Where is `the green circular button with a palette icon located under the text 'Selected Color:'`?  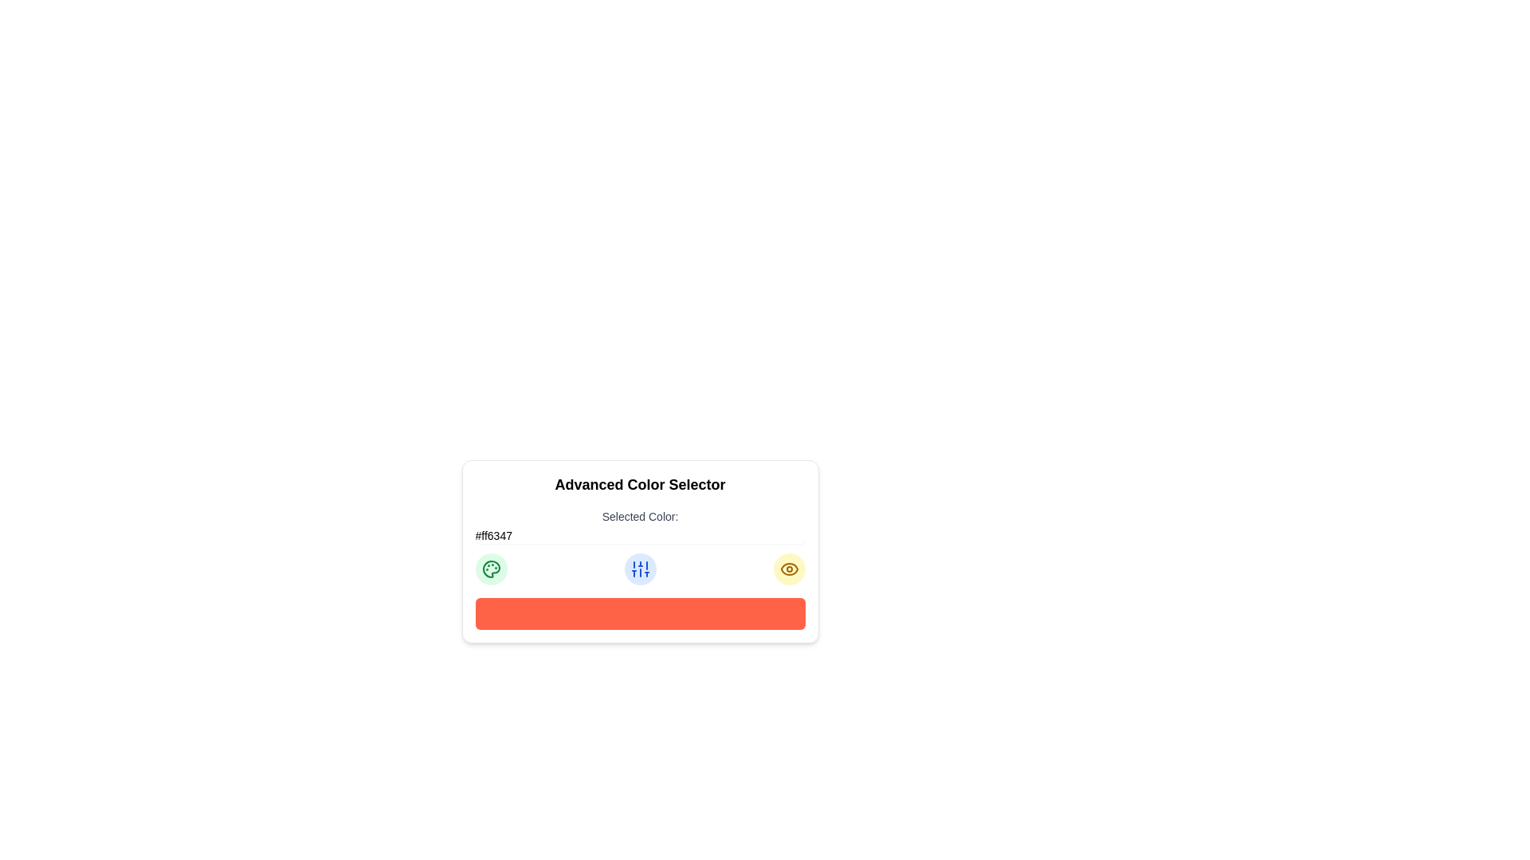 the green circular button with a palette icon located under the text 'Selected Color:' is located at coordinates (490, 568).